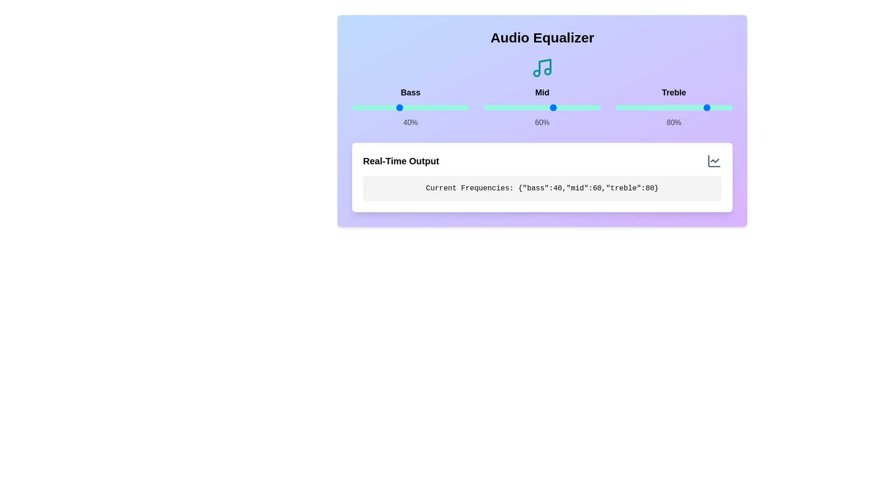  What do you see at coordinates (648, 107) in the screenshot?
I see `the 'Treble' slider` at bounding box center [648, 107].